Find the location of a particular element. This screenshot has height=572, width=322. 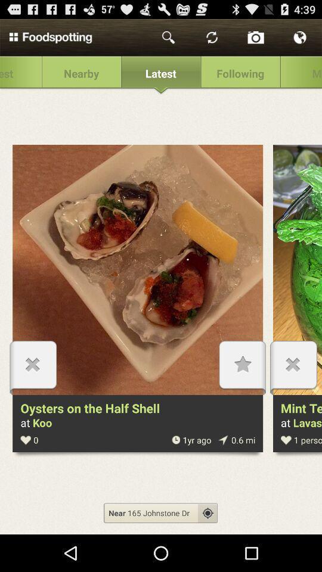

the star icon is located at coordinates (241, 389).